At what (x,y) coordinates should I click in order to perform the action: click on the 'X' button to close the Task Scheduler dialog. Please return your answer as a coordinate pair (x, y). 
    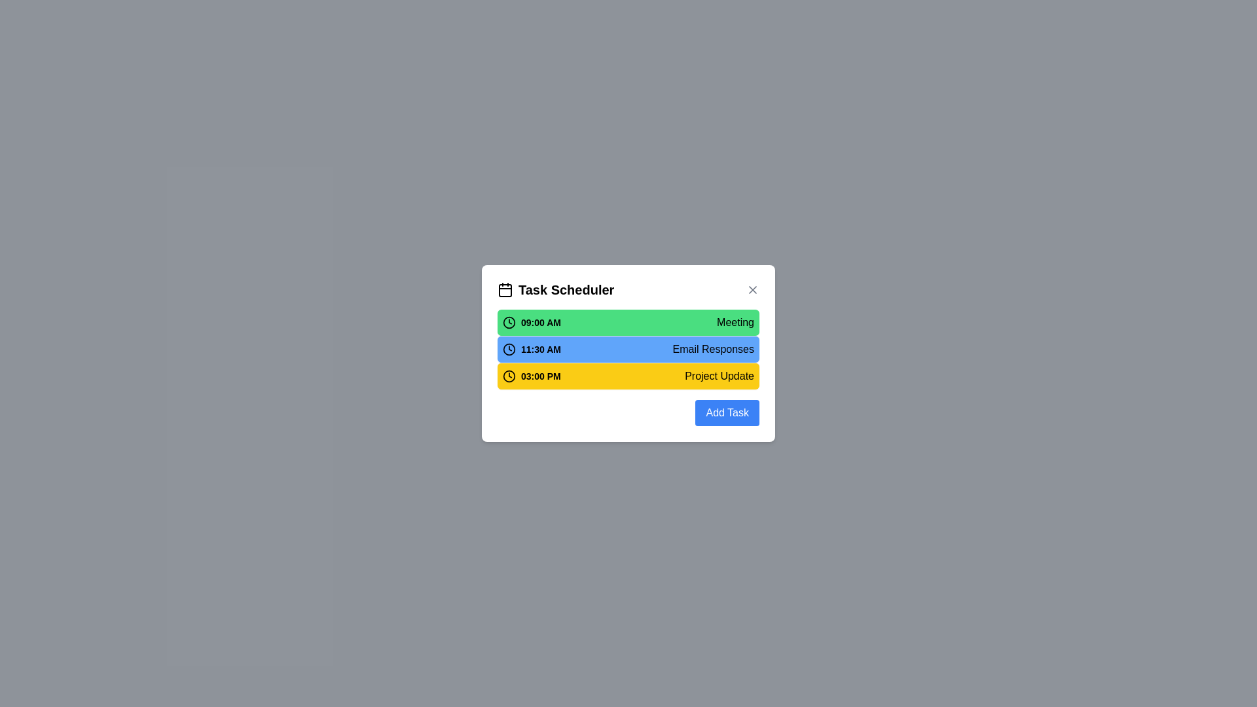
    Looking at the image, I should click on (753, 289).